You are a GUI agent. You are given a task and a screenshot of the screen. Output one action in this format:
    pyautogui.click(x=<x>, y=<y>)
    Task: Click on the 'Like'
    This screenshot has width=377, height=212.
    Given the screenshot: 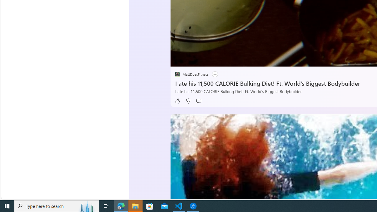 What is the action you would take?
    pyautogui.click(x=177, y=101)
    